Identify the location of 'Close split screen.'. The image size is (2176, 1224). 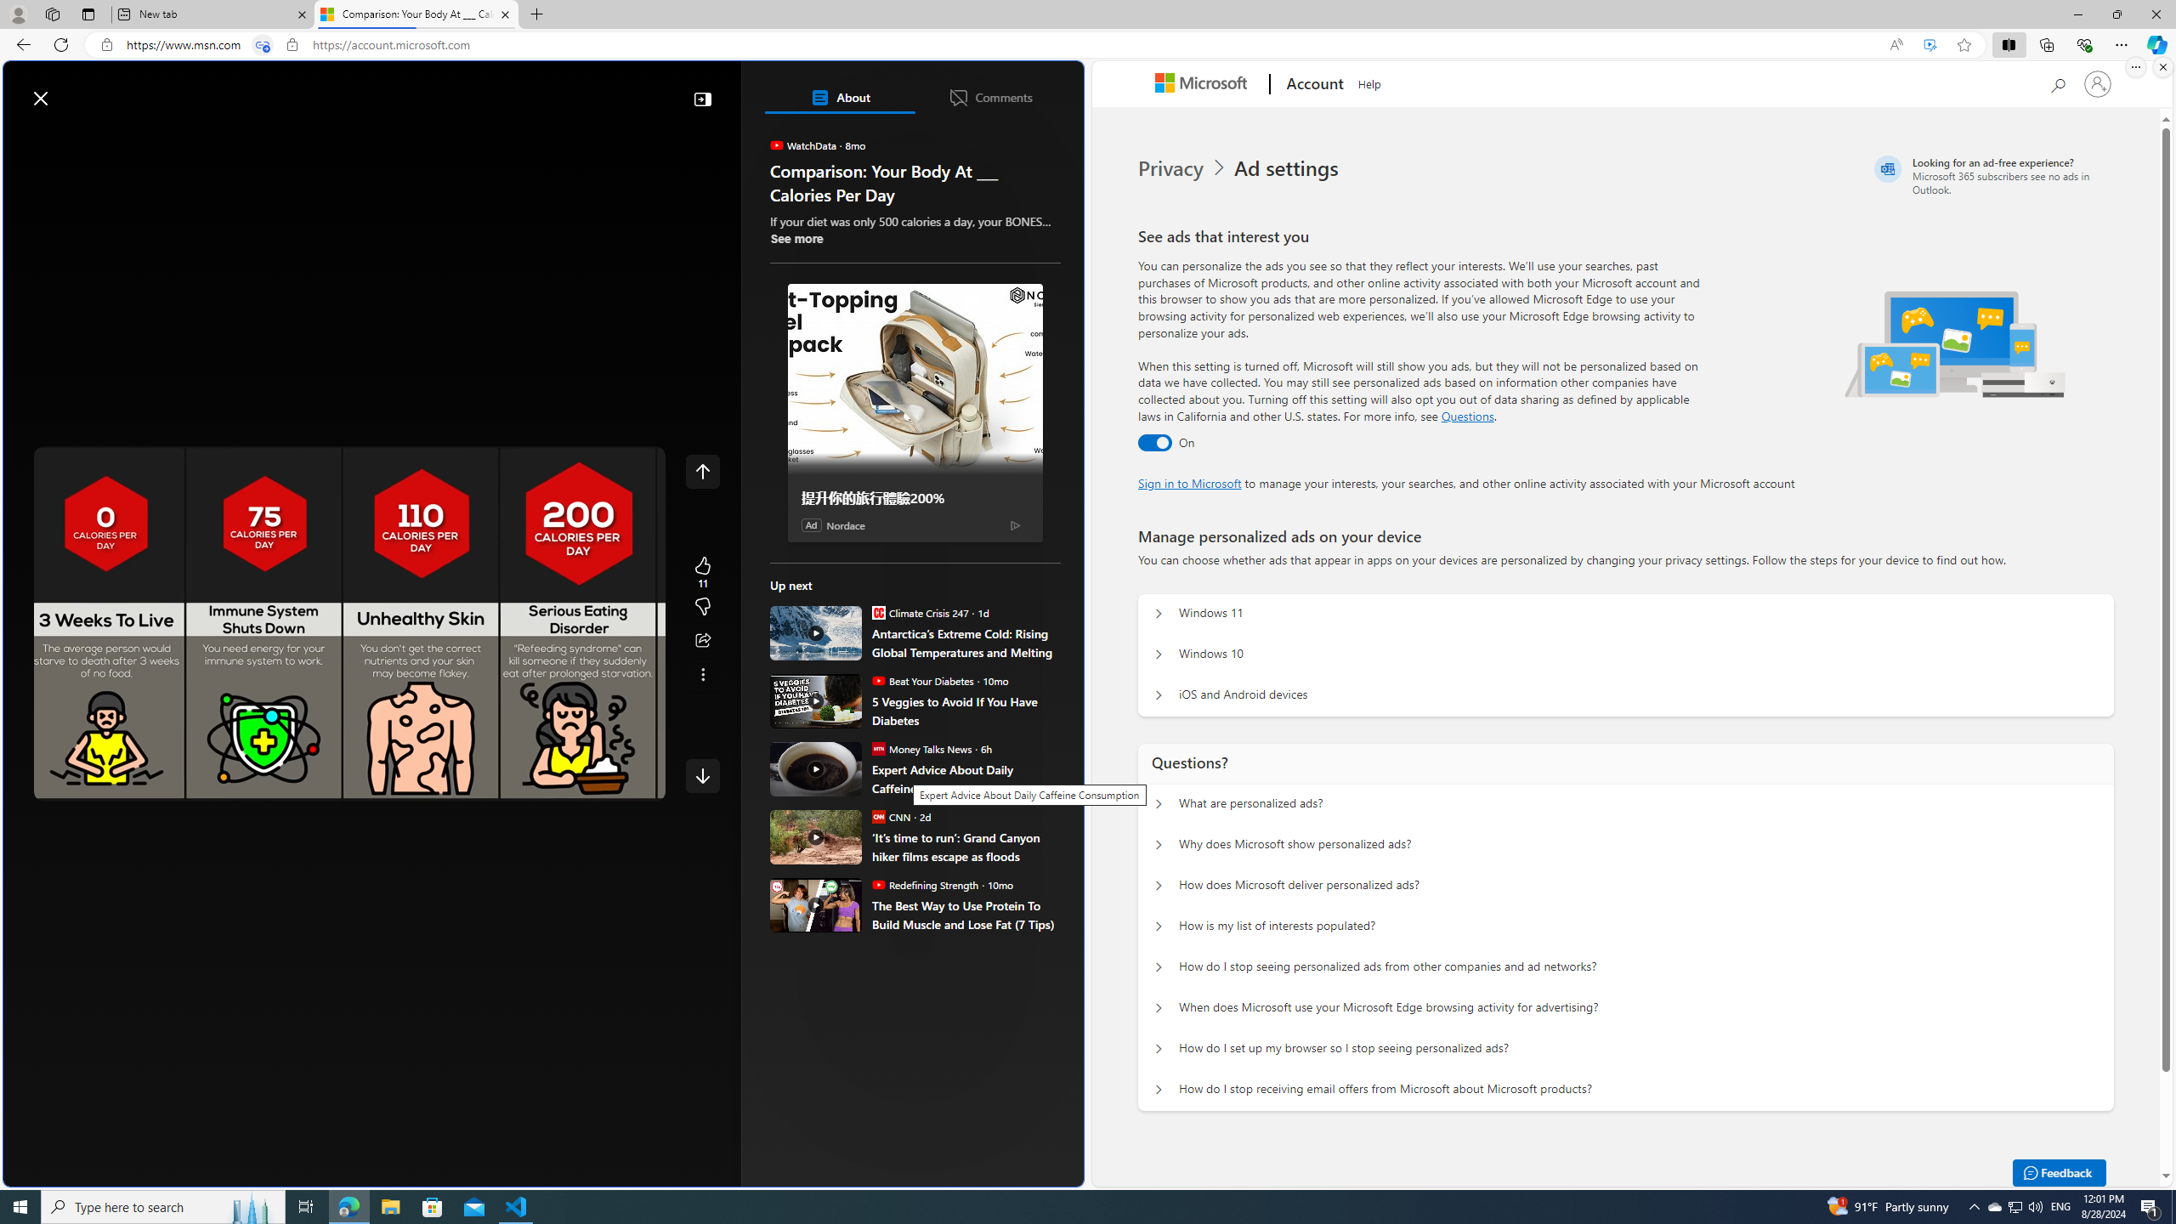
(2162, 66).